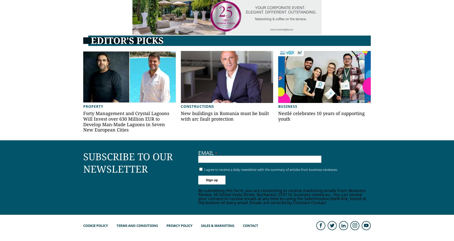 This screenshot has height=241, width=454. What do you see at coordinates (126, 121) in the screenshot?
I see `'Forty Management and Crystal Lagoons Will Invest over 630 Million EUR to Develop Man-Made Lagoons in Seven New European Cities'` at bounding box center [126, 121].